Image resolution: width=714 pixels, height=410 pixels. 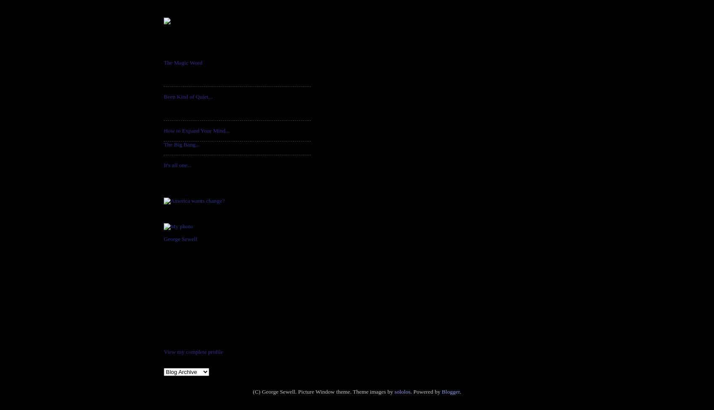 I want to click on 'Blogger', so click(x=450, y=391).